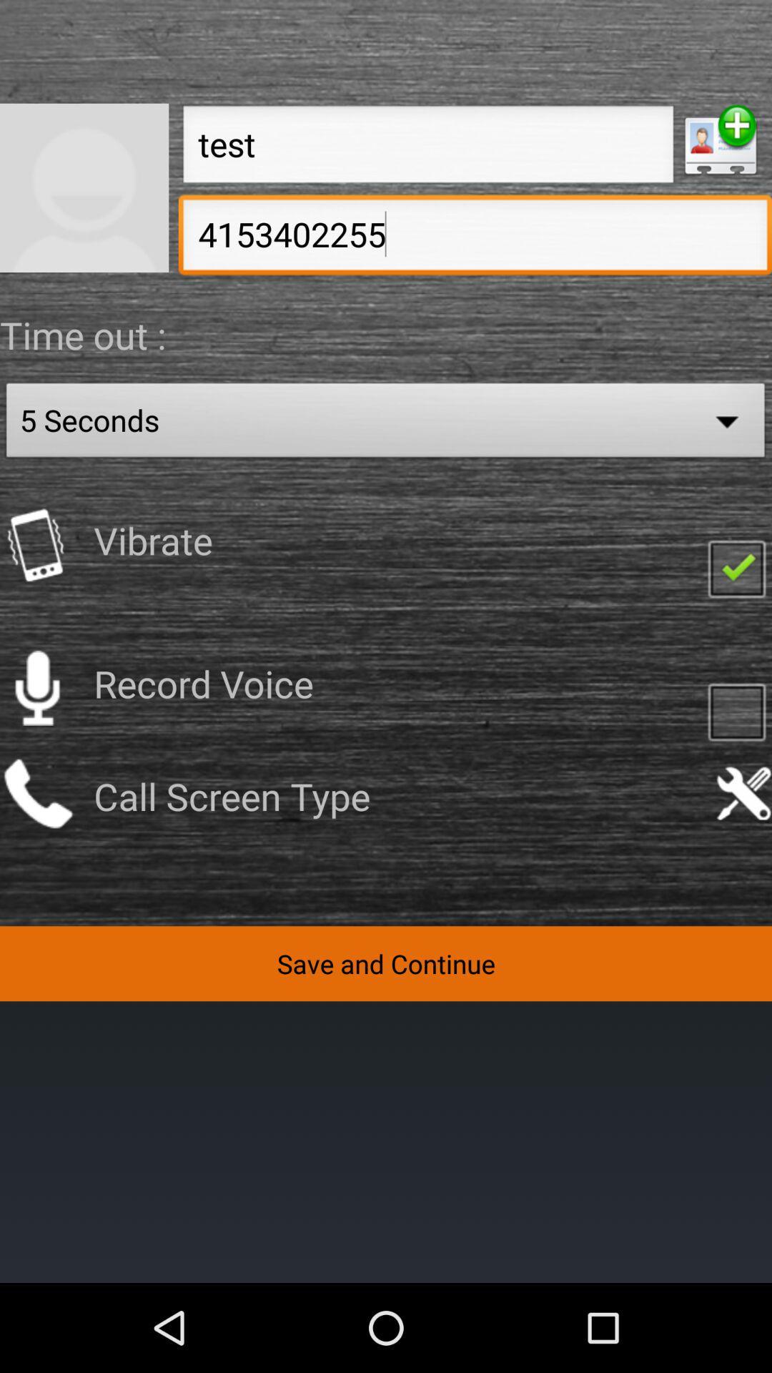 The height and width of the screenshot is (1373, 772). What do you see at coordinates (736, 567) in the screenshot?
I see `tick` at bounding box center [736, 567].